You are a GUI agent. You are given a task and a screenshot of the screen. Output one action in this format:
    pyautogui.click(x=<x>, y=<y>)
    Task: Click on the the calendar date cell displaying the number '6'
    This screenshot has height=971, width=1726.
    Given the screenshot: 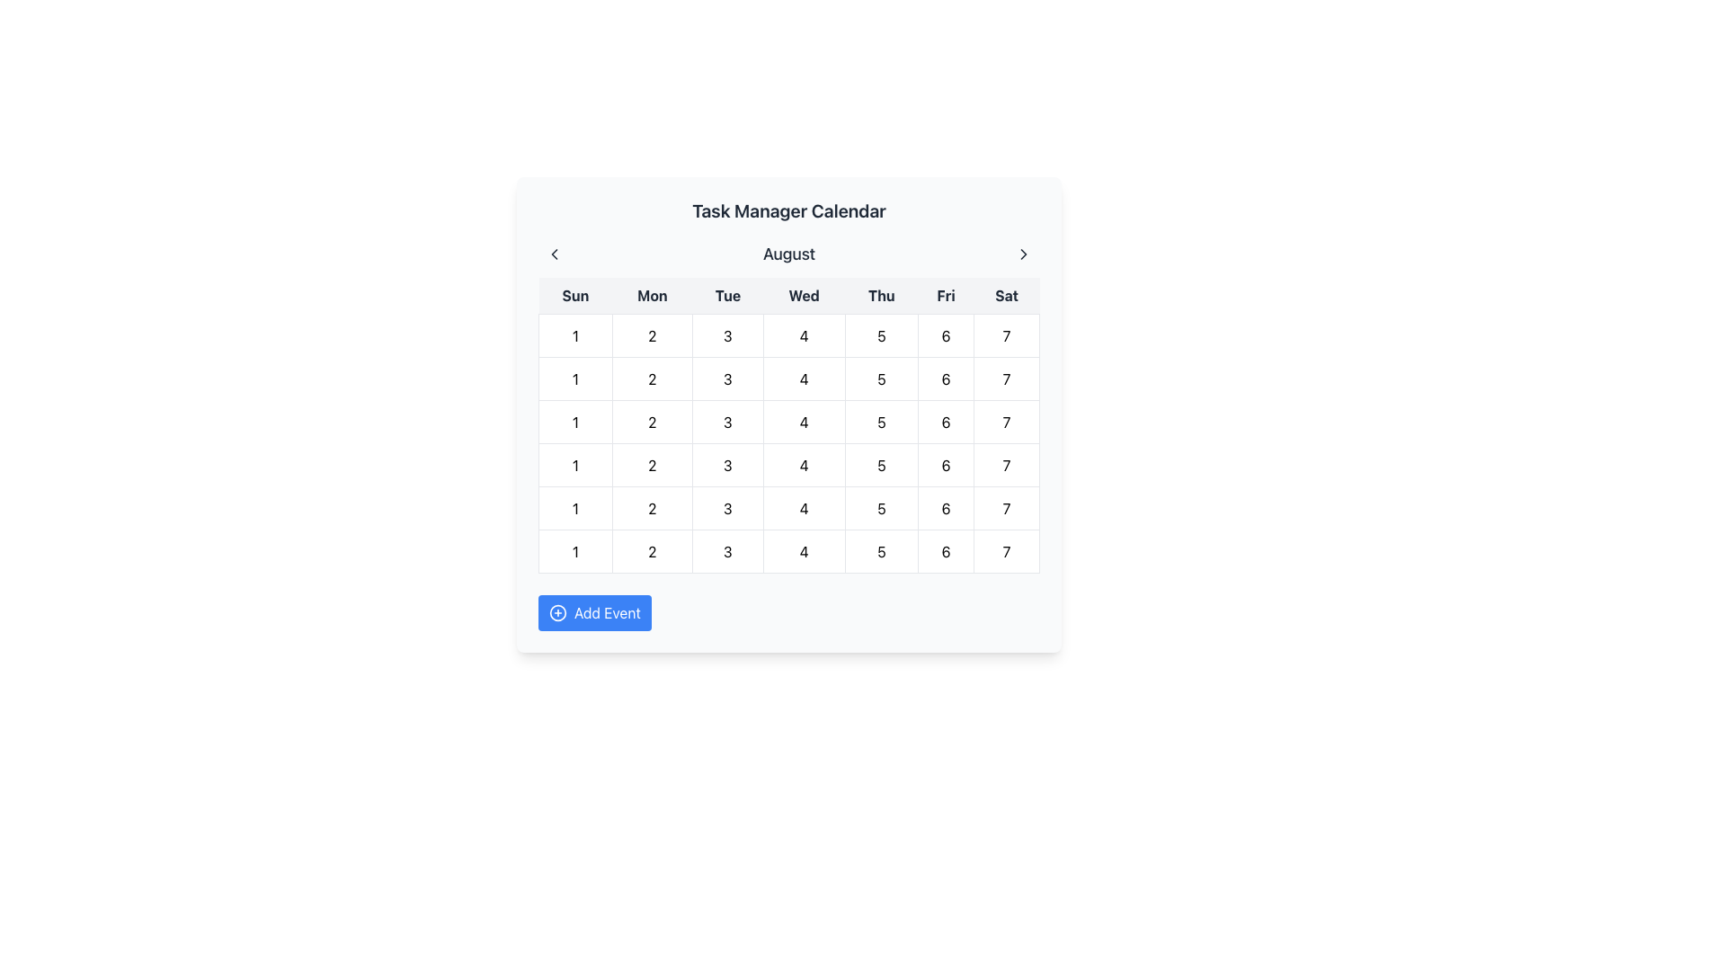 What is the action you would take?
    pyautogui.click(x=945, y=378)
    